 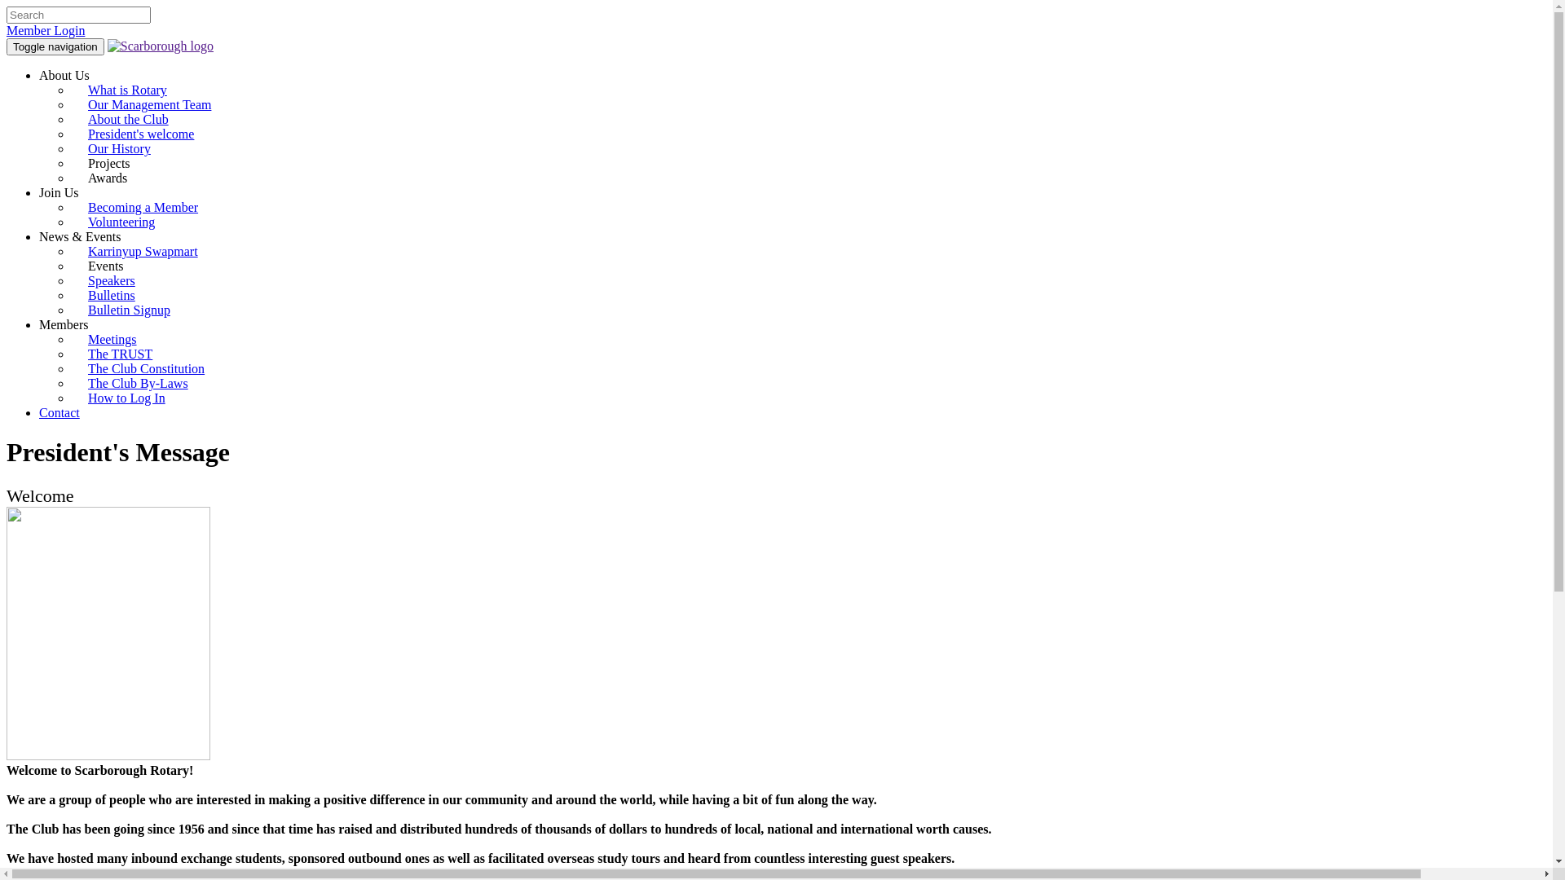 I want to click on 'Our History', so click(x=118, y=148).